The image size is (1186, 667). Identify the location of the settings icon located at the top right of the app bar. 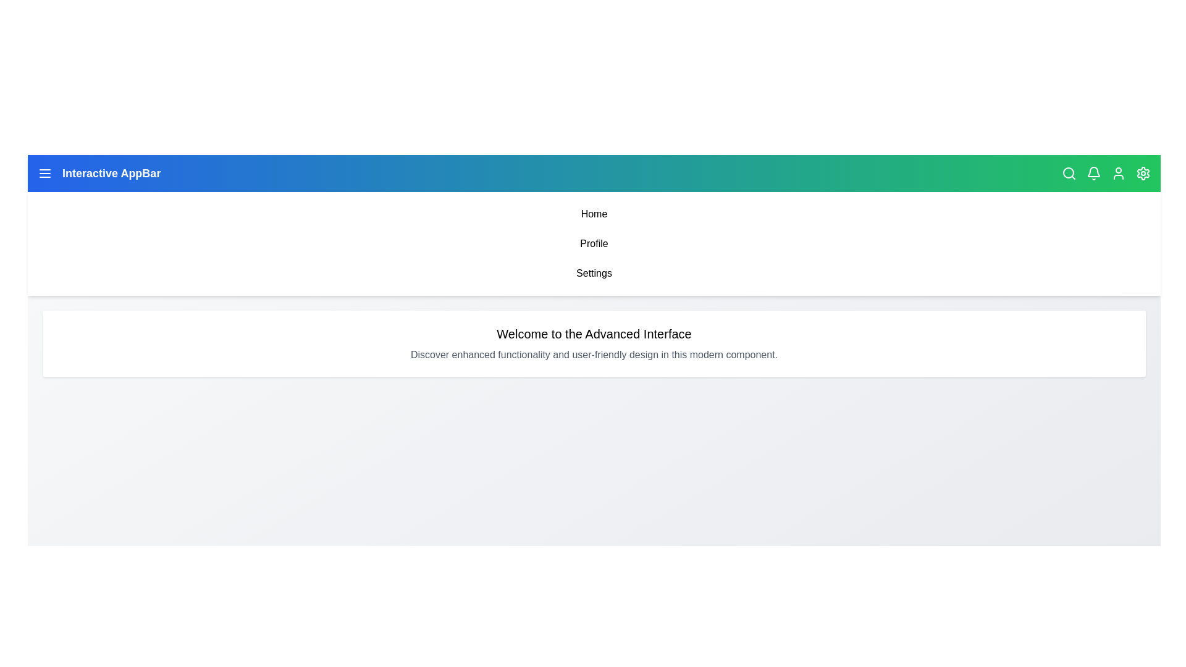
(1143, 174).